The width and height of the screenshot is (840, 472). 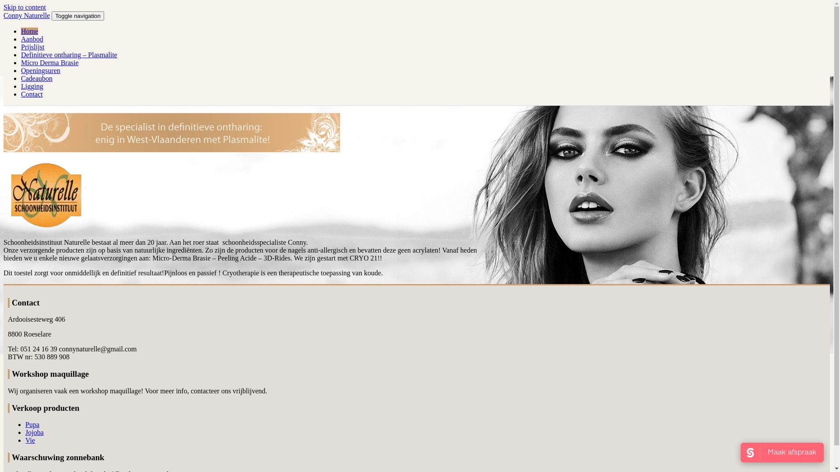 What do you see at coordinates (30, 440) in the screenshot?
I see `'Vie'` at bounding box center [30, 440].